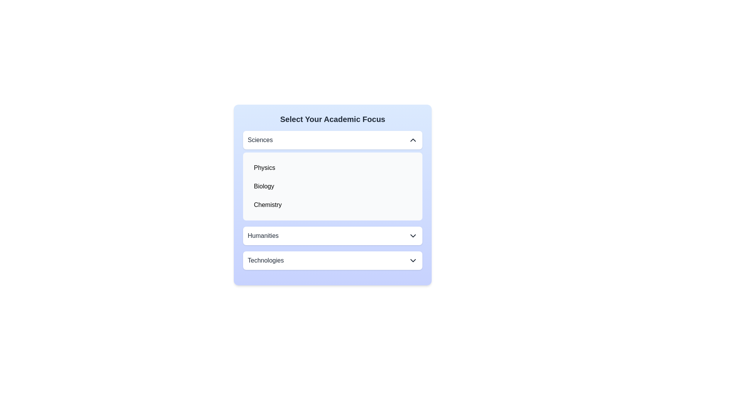 This screenshot has height=417, width=742. I want to click on the downward-pointing arrow icon located on the far-right side of the 'Sciences' button, so click(413, 140).